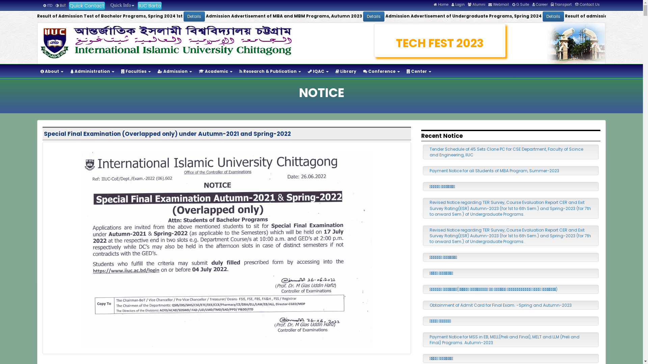  Describe the element at coordinates (215, 71) in the screenshot. I see `'Academic'` at that location.